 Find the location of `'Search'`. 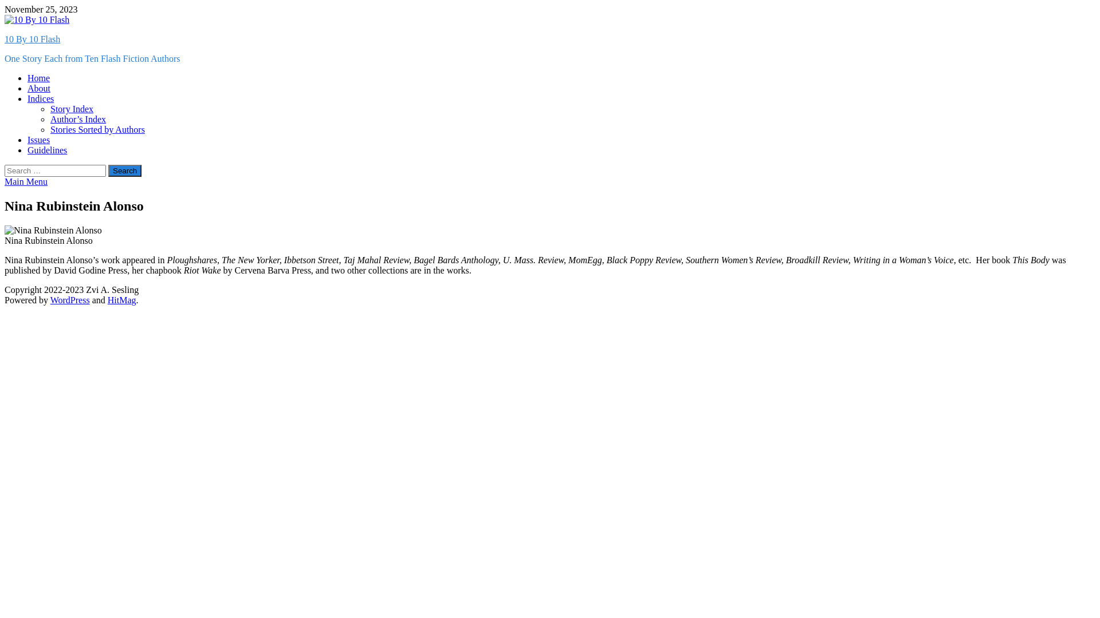

'Search' is located at coordinates (124, 171).